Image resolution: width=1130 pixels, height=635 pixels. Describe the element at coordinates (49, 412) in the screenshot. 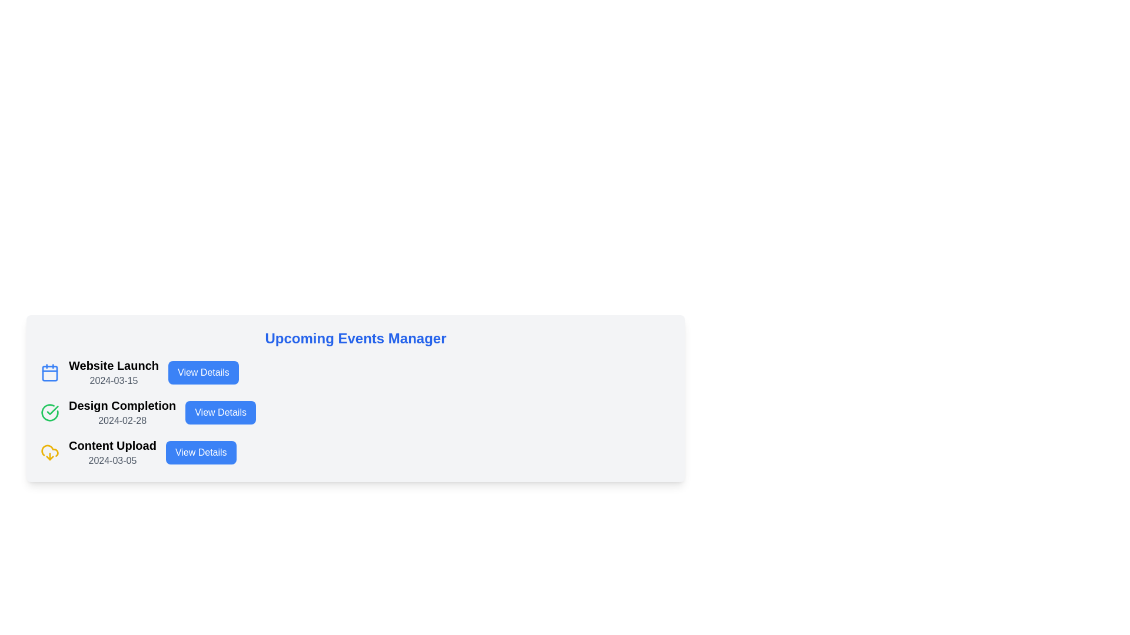

I see `the green circular icon with a tick mark symbol indicating completion, located in the second row under 'Upcoming Events Manager', preceding 'Design Completion' and the date '2024-02-28'` at that location.